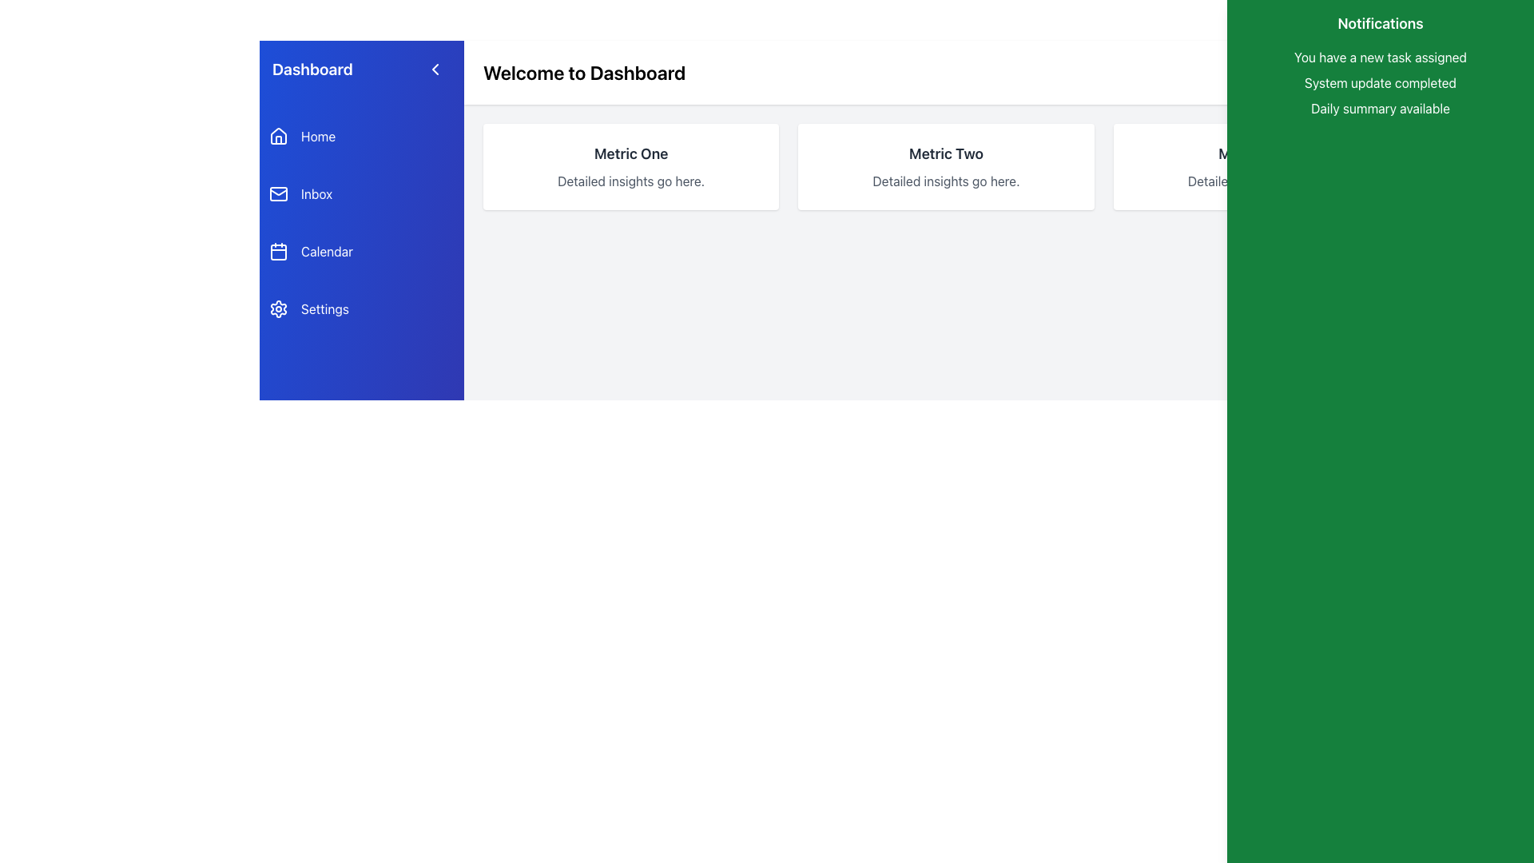  Describe the element at coordinates (312, 69) in the screenshot. I see `the header text element in the navigation menu, which indicates the user's current location within the application` at that location.